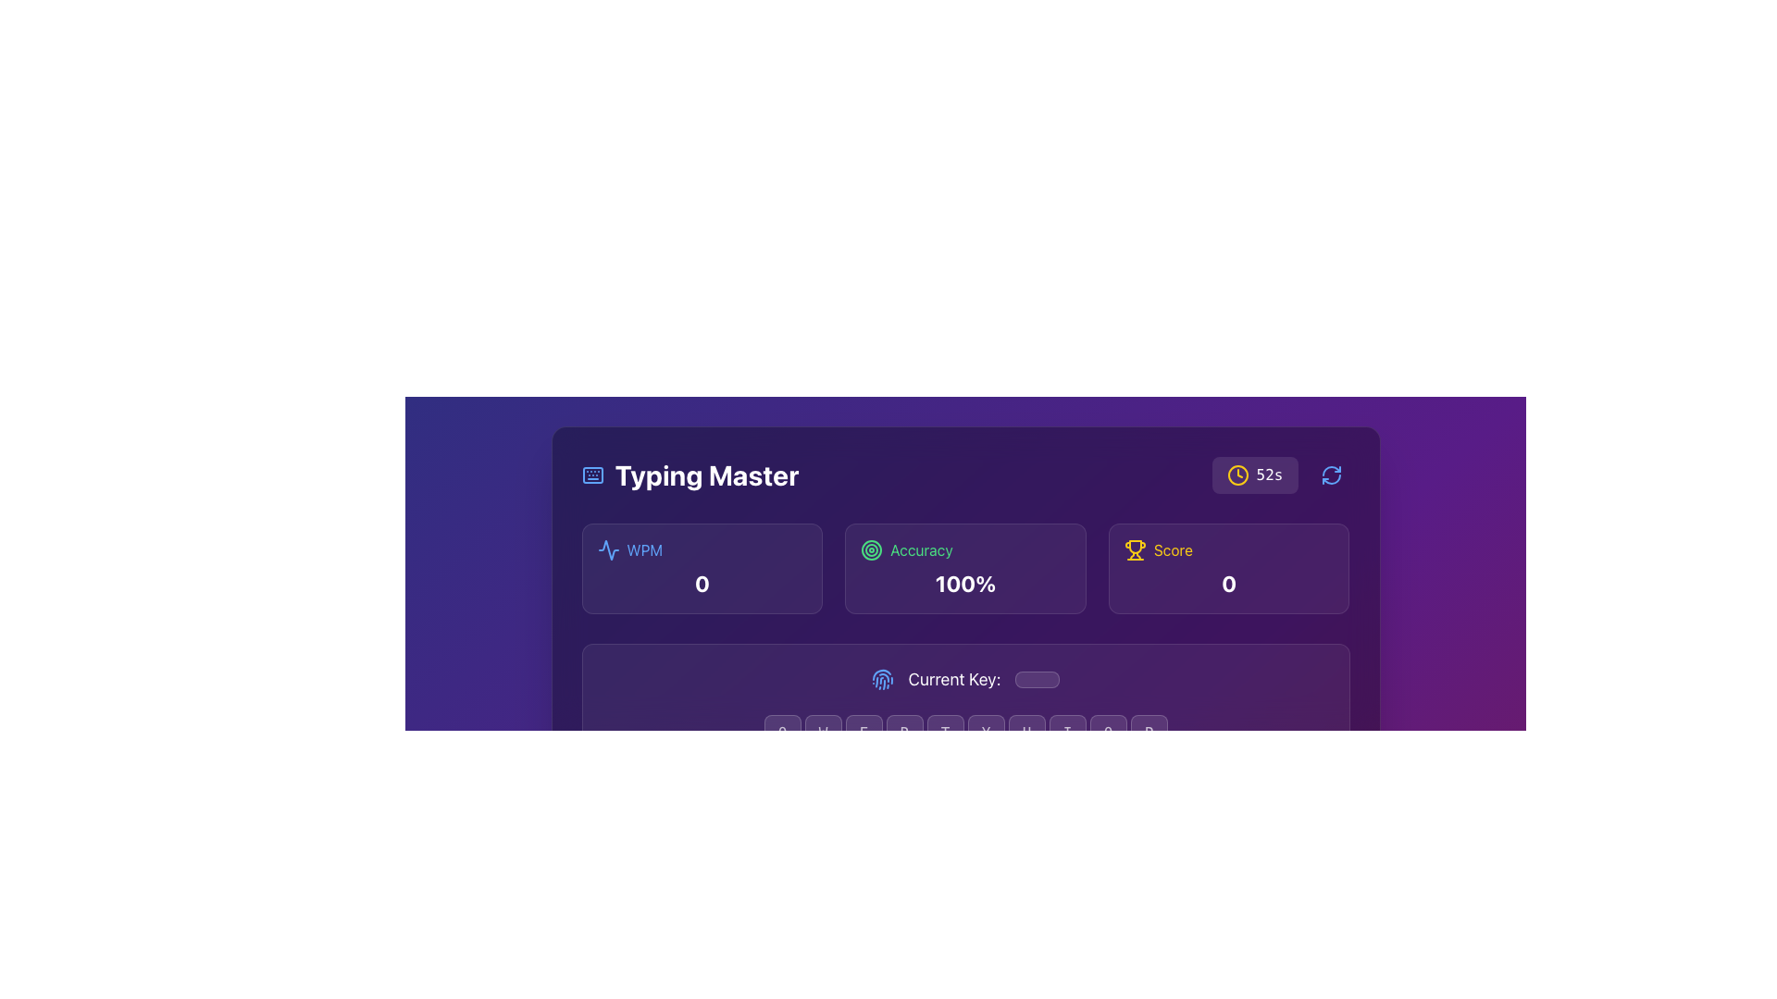  Describe the element at coordinates (1229, 584) in the screenshot. I see `the static text label displaying the current score, located below the 'Score' label and adjacent to a trophy icon` at that location.